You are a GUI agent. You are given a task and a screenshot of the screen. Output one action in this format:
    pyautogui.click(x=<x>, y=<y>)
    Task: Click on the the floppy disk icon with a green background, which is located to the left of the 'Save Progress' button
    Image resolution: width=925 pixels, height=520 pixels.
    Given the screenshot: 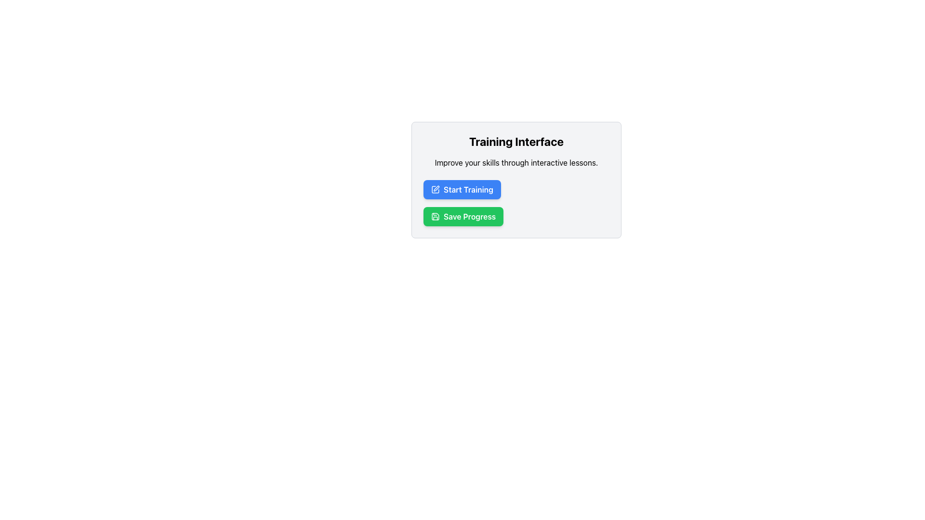 What is the action you would take?
    pyautogui.click(x=435, y=217)
    